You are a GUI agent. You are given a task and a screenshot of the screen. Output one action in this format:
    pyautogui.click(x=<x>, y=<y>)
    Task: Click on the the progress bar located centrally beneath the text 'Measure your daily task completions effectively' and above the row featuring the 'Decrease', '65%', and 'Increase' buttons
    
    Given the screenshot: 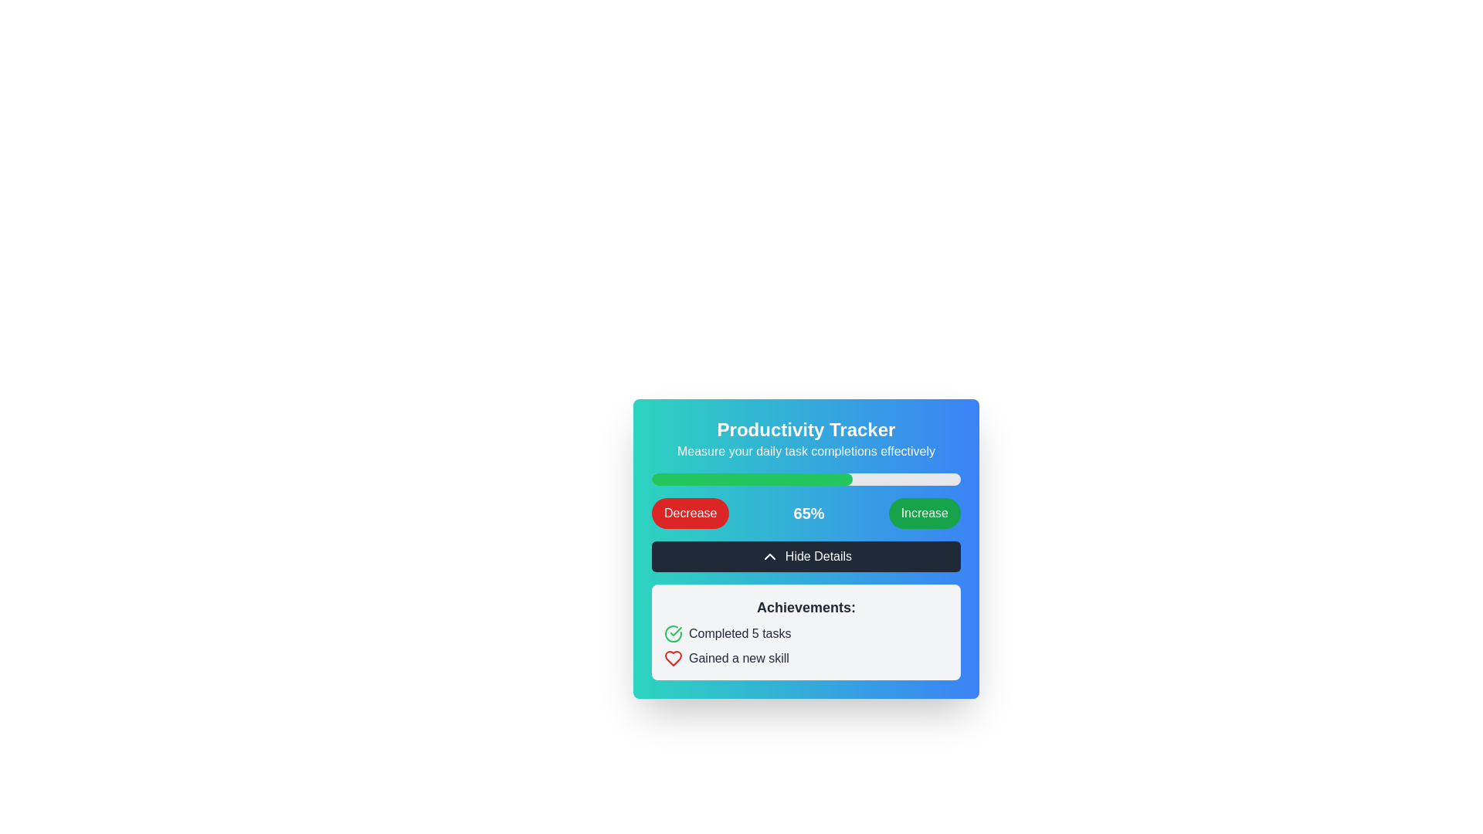 What is the action you would take?
    pyautogui.click(x=805, y=479)
    